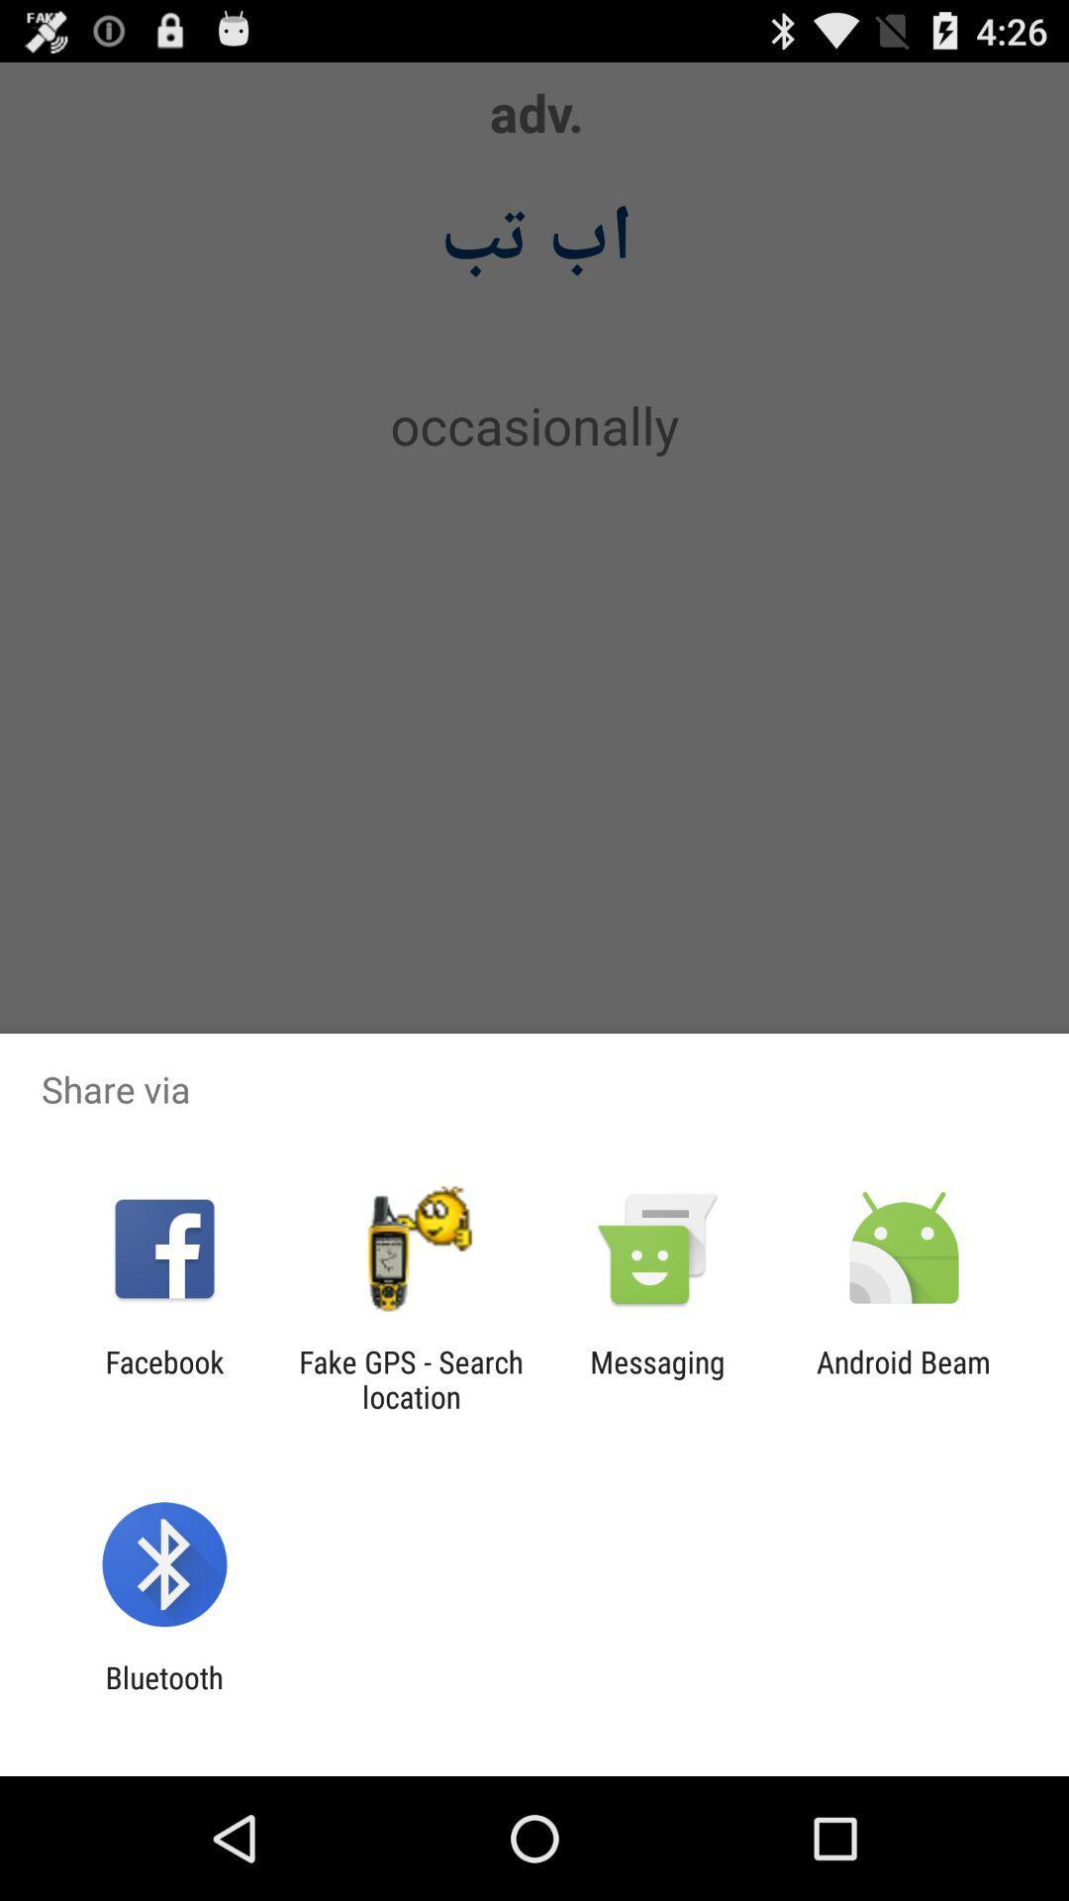 The width and height of the screenshot is (1069, 1901). What do you see at coordinates (410, 1378) in the screenshot?
I see `item next to the facebook item` at bounding box center [410, 1378].